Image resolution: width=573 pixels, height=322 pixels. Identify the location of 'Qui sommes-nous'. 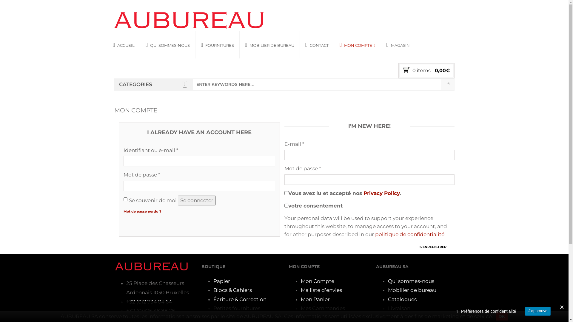
(411, 281).